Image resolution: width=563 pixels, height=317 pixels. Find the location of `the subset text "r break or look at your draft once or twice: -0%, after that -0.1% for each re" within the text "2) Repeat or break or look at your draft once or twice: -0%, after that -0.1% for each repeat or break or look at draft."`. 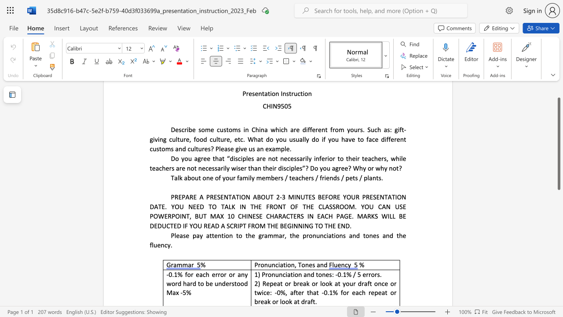

the subset text "r break or look at your draft once or twice: -0%, after that -0.1% for each re" within the text "2) Repeat or break or look at your draft once or twice: -0%, after that -0.1% for each repeat or break or look at draft." is located at coordinates (289, 284).